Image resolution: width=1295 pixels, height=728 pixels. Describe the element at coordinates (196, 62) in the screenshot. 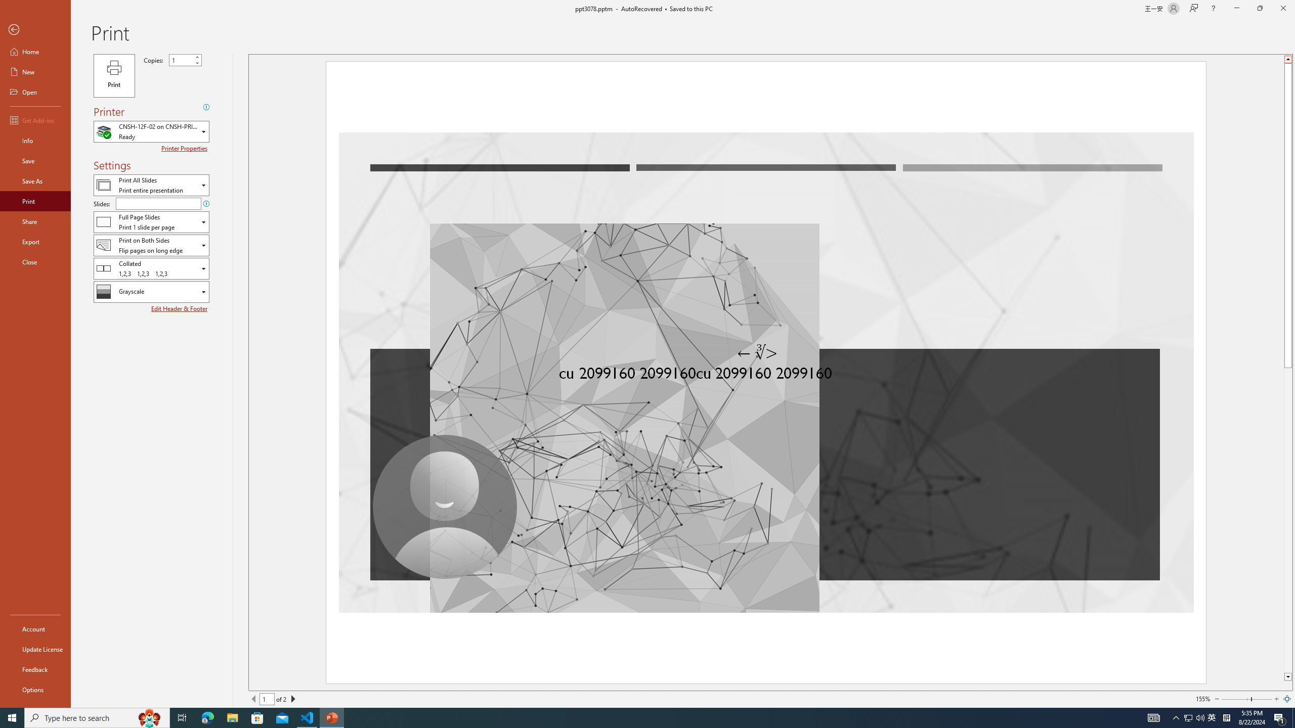

I see `'Less'` at that location.